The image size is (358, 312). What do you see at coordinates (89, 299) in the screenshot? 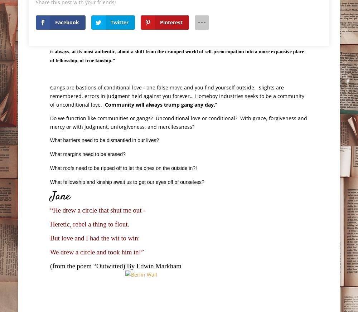
I see `'On Fire – “#7 – Are You Ready?”'` at bounding box center [89, 299].